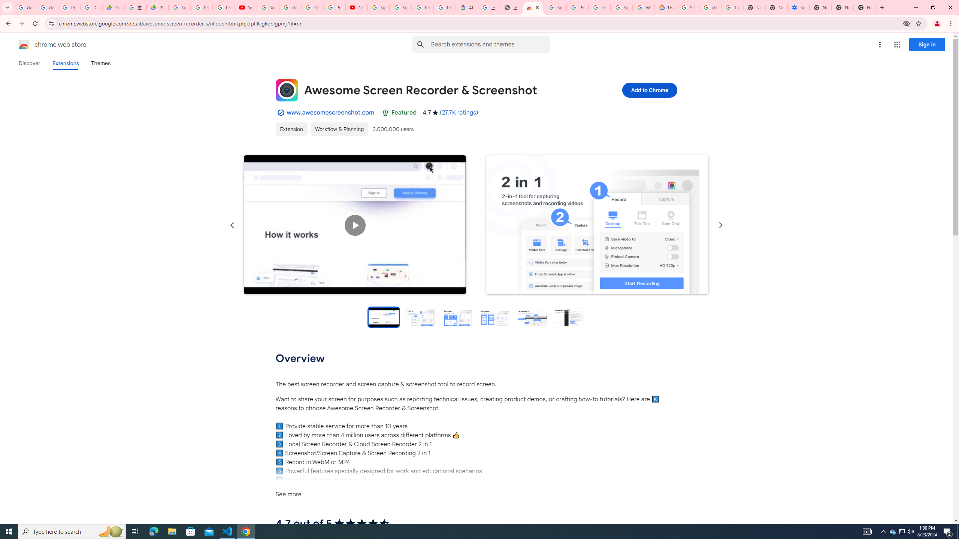 The height and width of the screenshot is (539, 959). I want to click on 'Turn cookies on or off - Computer - Google Account Help', so click(732, 7).